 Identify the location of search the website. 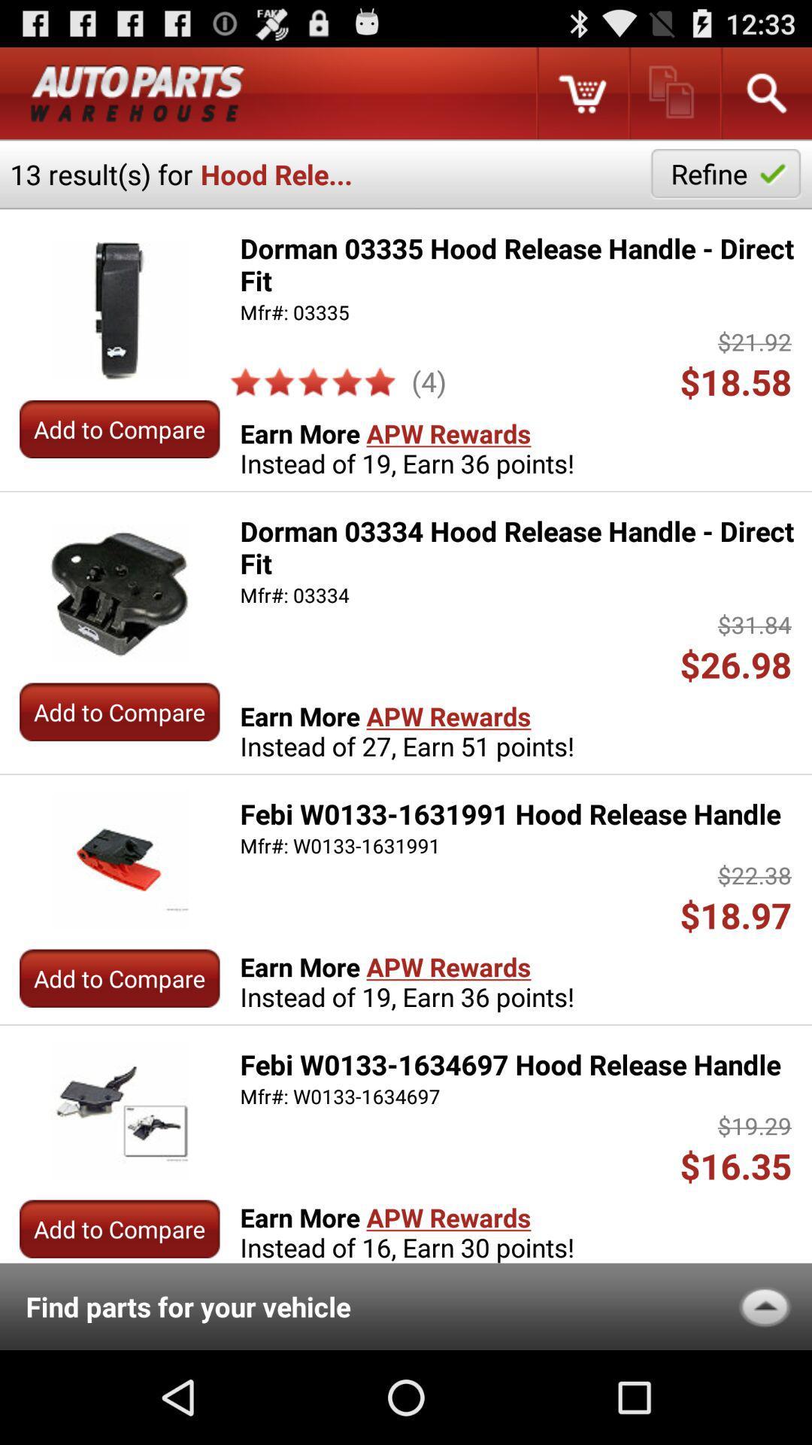
(765, 93).